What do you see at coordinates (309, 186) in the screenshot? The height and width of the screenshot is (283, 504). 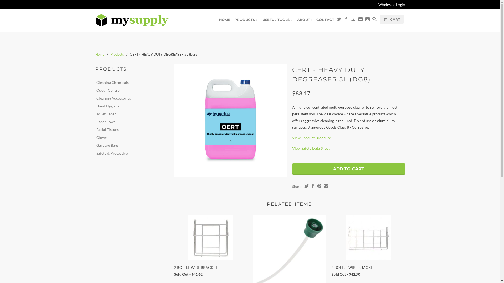 I see `'Share this on Facebook'` at bounding box center [309, 186].